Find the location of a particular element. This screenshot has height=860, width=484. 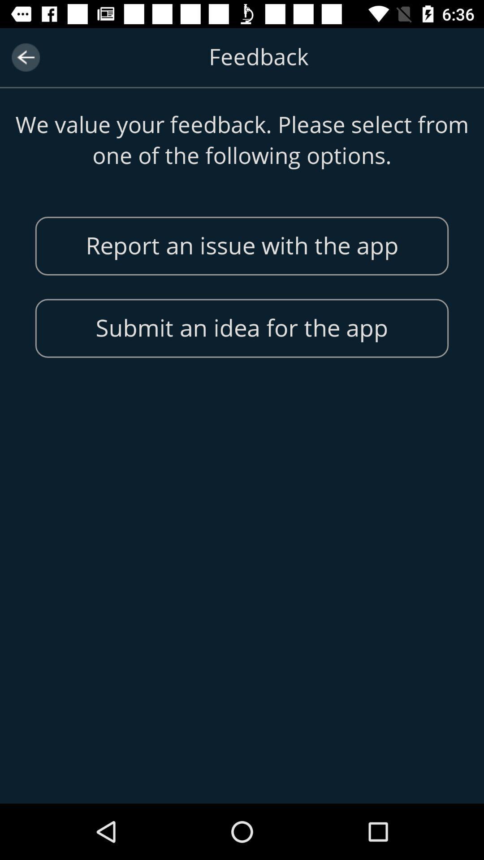

the arrow_backward icon is located at coordinates (25, 57).